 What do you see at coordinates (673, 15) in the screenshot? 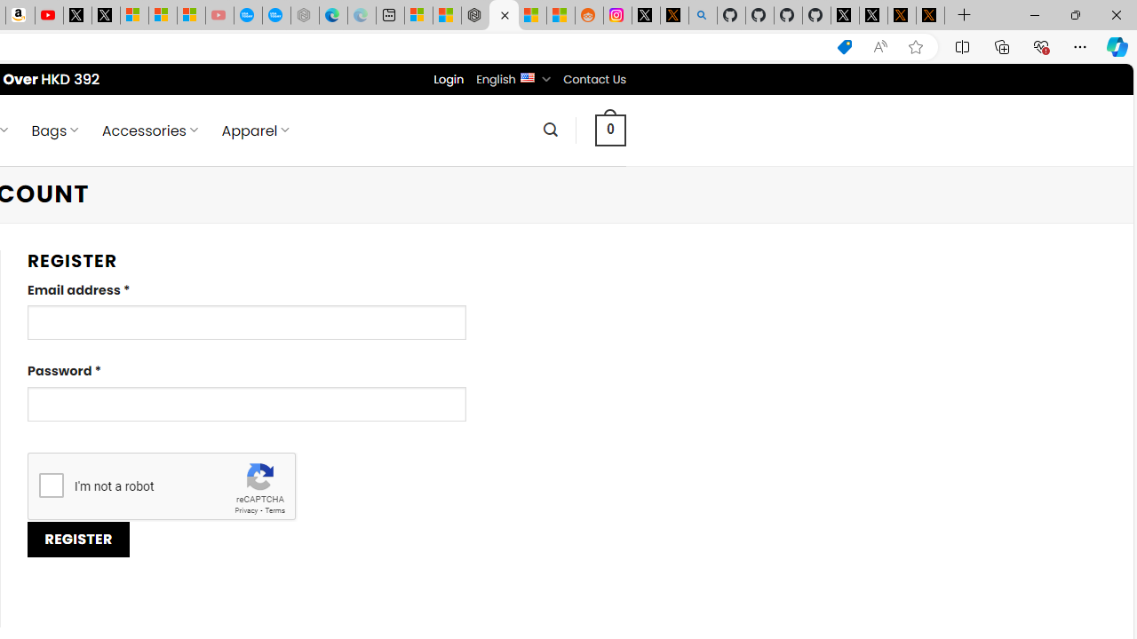
I see `'help.x.com | 524: A timeout occurred'` at bounding box center [673, 15].